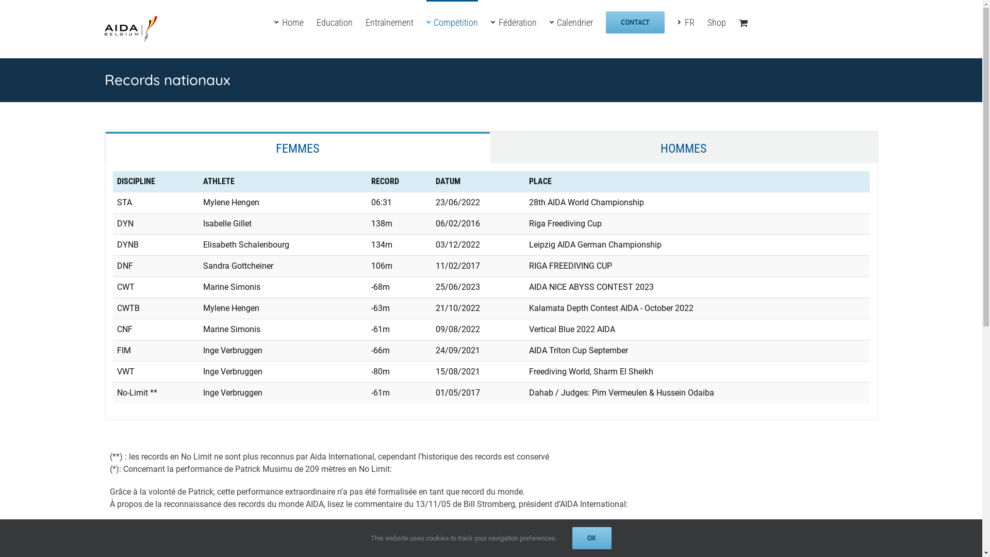 This screenshot has width=990, height=557. What do you see at coordinates (289, 22) in the screenshot?
I see `'Home'` at bounding box center [289, 22].